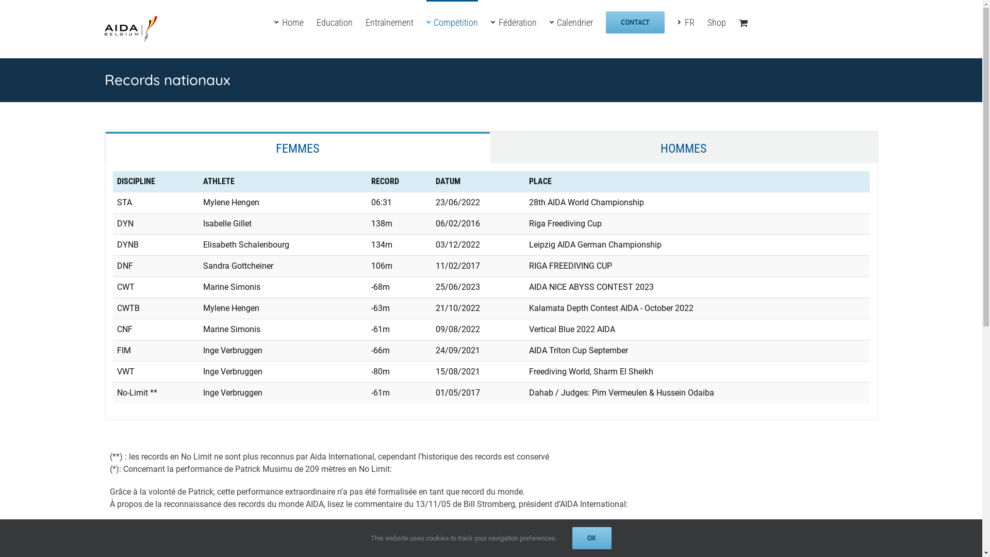 This screenshot has width=990, height=557. What do you see at coordinates (289, 22) in the screenshot?
I see `'Home'` at bounding box center [289, 22].